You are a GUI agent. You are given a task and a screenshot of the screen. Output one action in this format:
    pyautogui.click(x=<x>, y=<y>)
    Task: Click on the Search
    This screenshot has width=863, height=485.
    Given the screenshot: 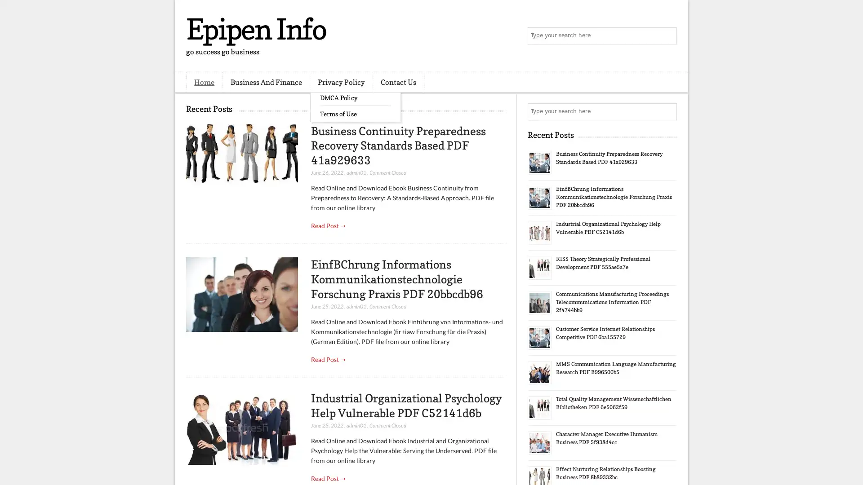 What is the action you would take?
    pyautogui.click(x=667, y=111)
    